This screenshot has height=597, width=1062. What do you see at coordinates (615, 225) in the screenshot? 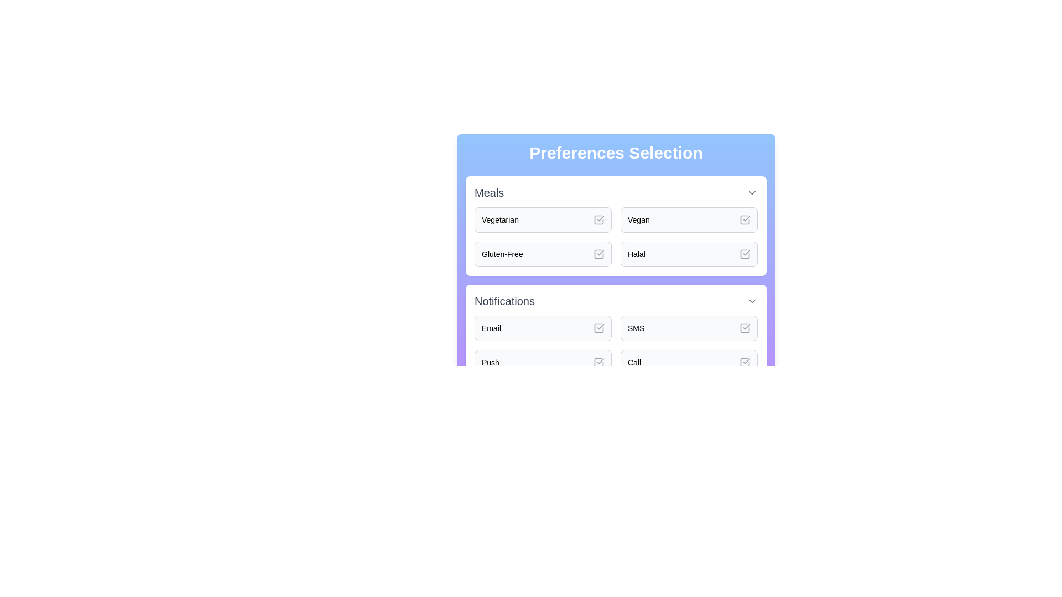
I see `an option from the meal preferences section located below the 'Preferences Selection' header` at bounding box center [615, 225].